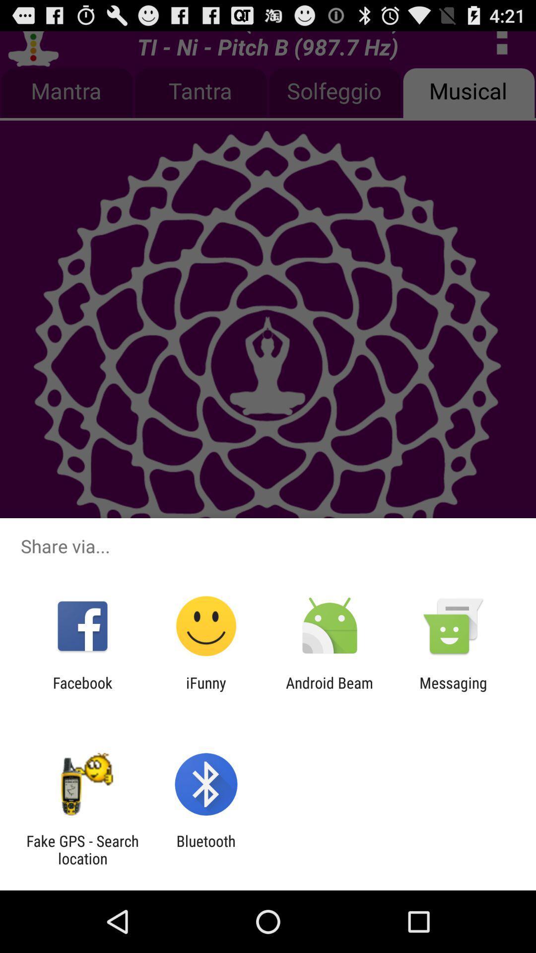  What do you see at coordinates (453, 691) in the screenshot?
I see `item next to the android beam icon` at bounding box center [453, 691].